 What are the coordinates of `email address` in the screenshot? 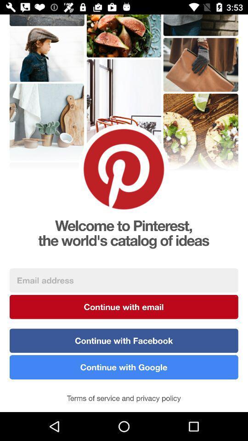 It's located at (124, 280).